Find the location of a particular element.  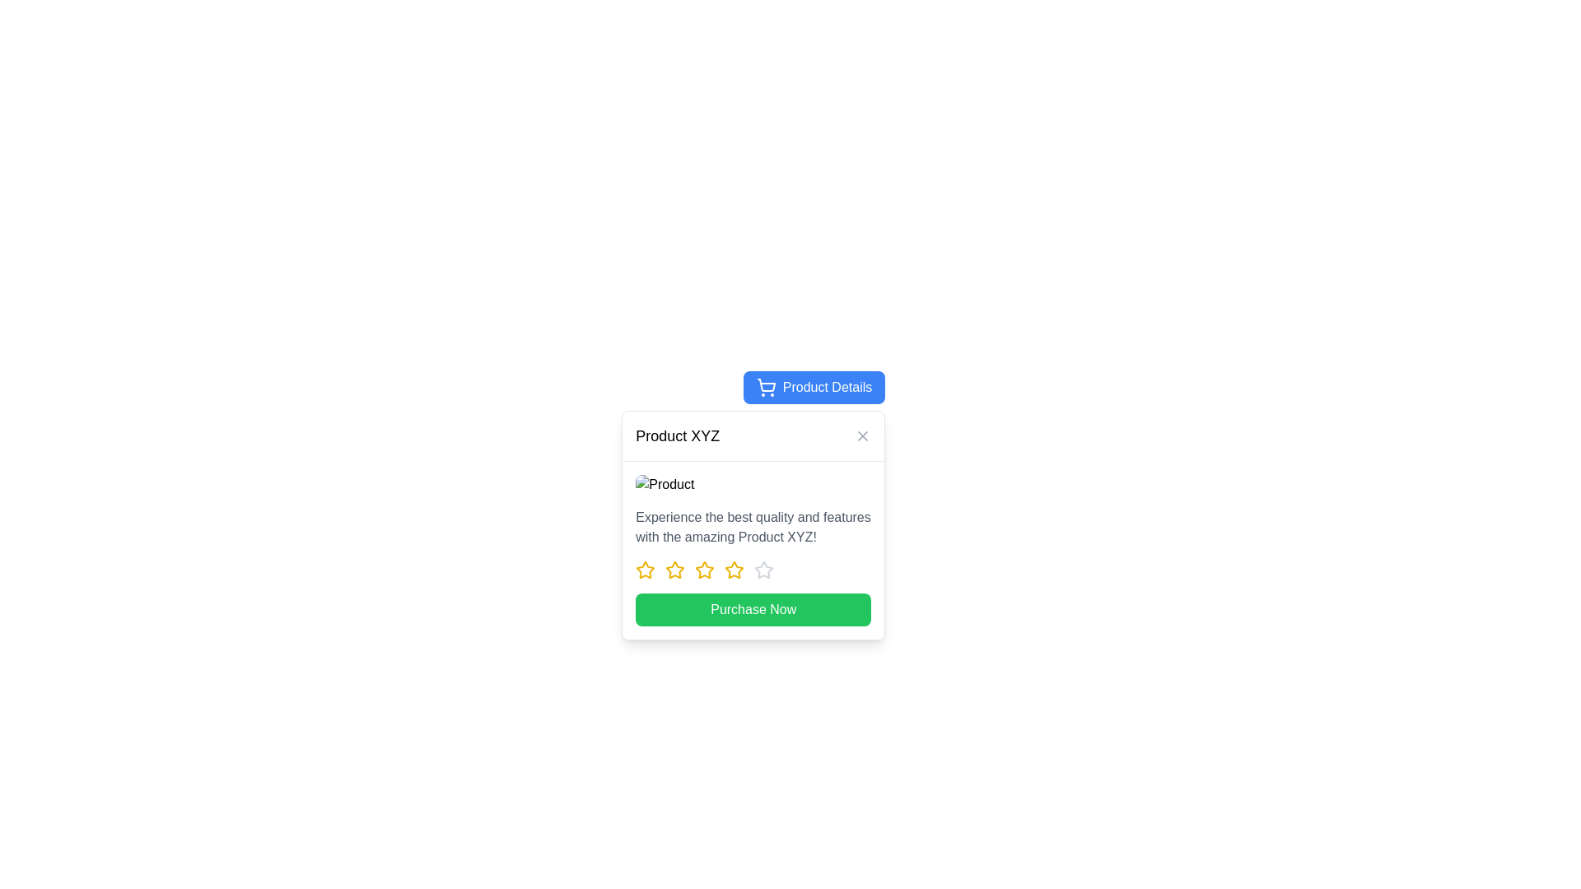

the label within the button that triggers additional product-related details, located to the right of the shopping cart icon at the top-center of the window is located at coordinates (827, 387).